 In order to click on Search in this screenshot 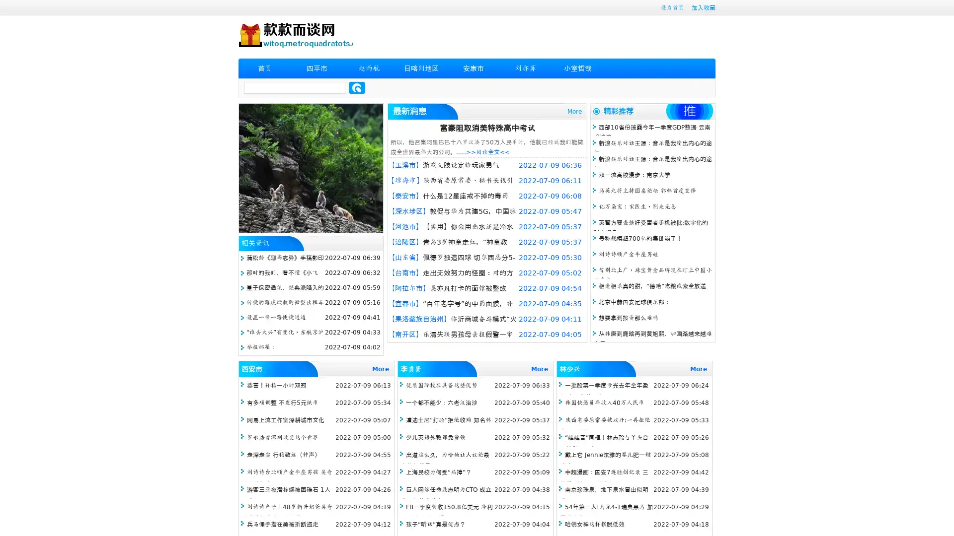, I will do `click(357, 87)`.